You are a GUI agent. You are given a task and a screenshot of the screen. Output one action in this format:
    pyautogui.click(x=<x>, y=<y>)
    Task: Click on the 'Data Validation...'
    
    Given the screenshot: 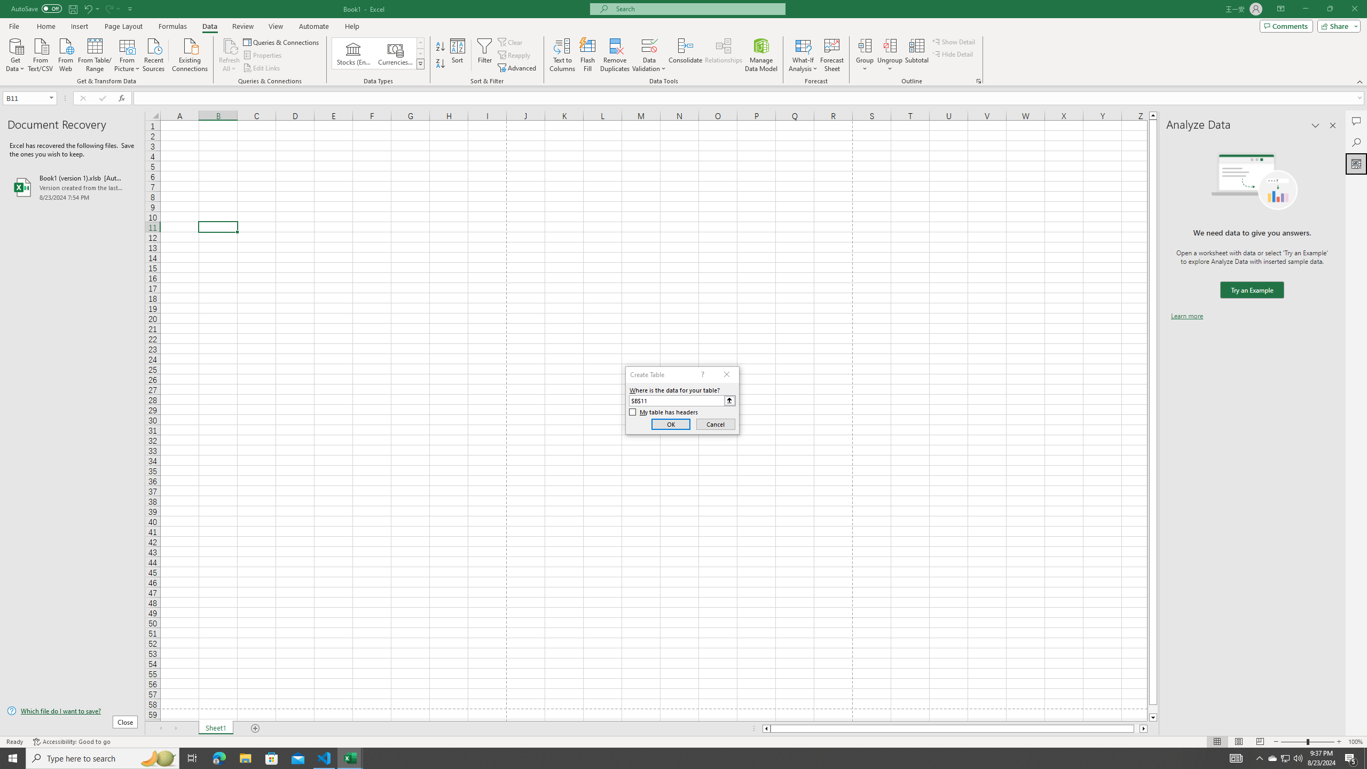 What is the action you would take?
    pyautogui.click(x=649, y=55)
    